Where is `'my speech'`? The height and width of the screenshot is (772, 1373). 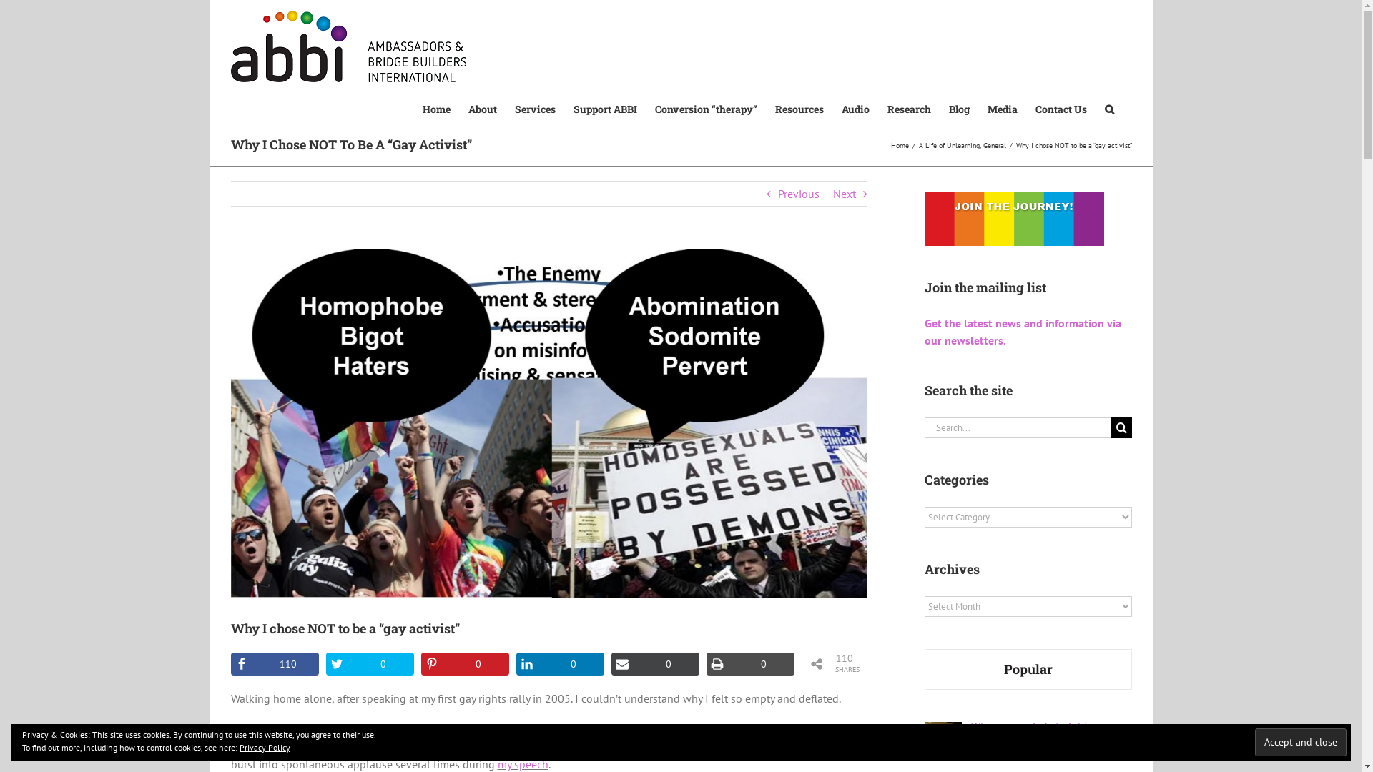 'my speech' is located at coordinates (498, 763).